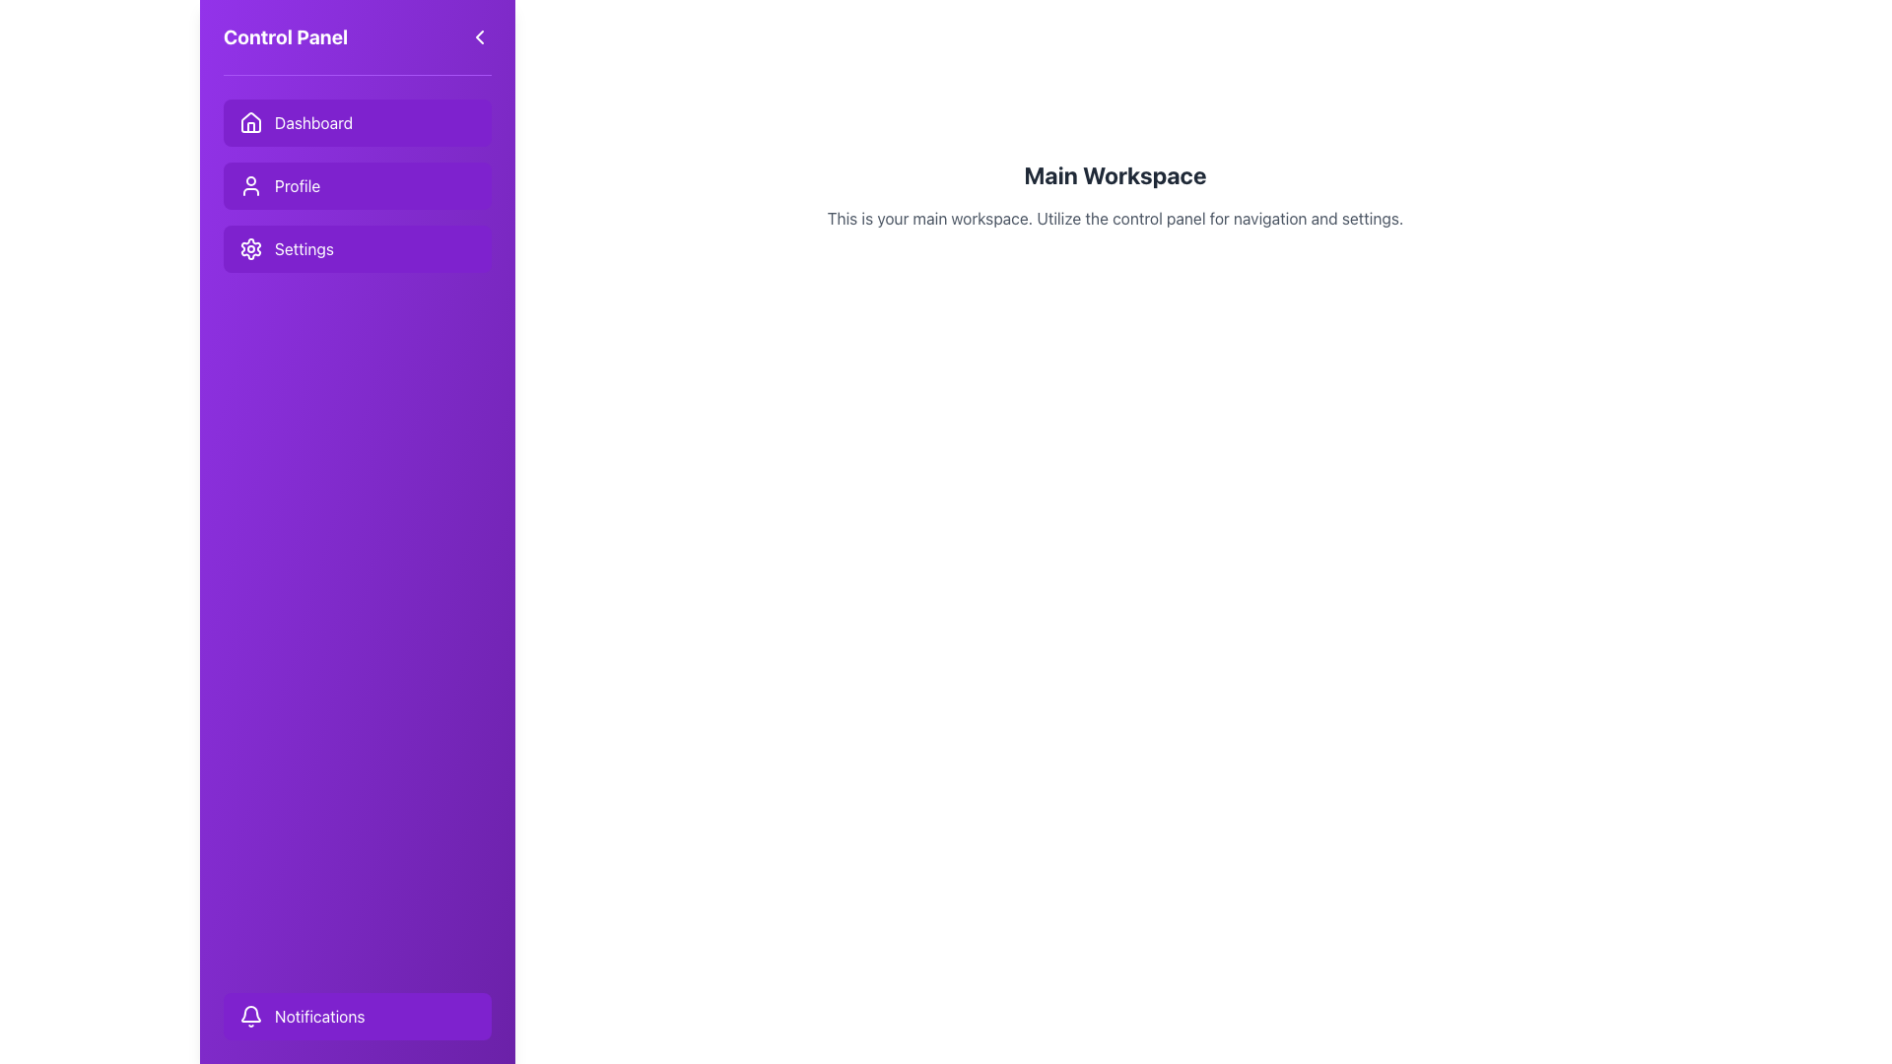 The image size is (1892, 1064). I want to click on the purple 'Profile' button with rounded corners in the navigation menu, so click(358, 186).